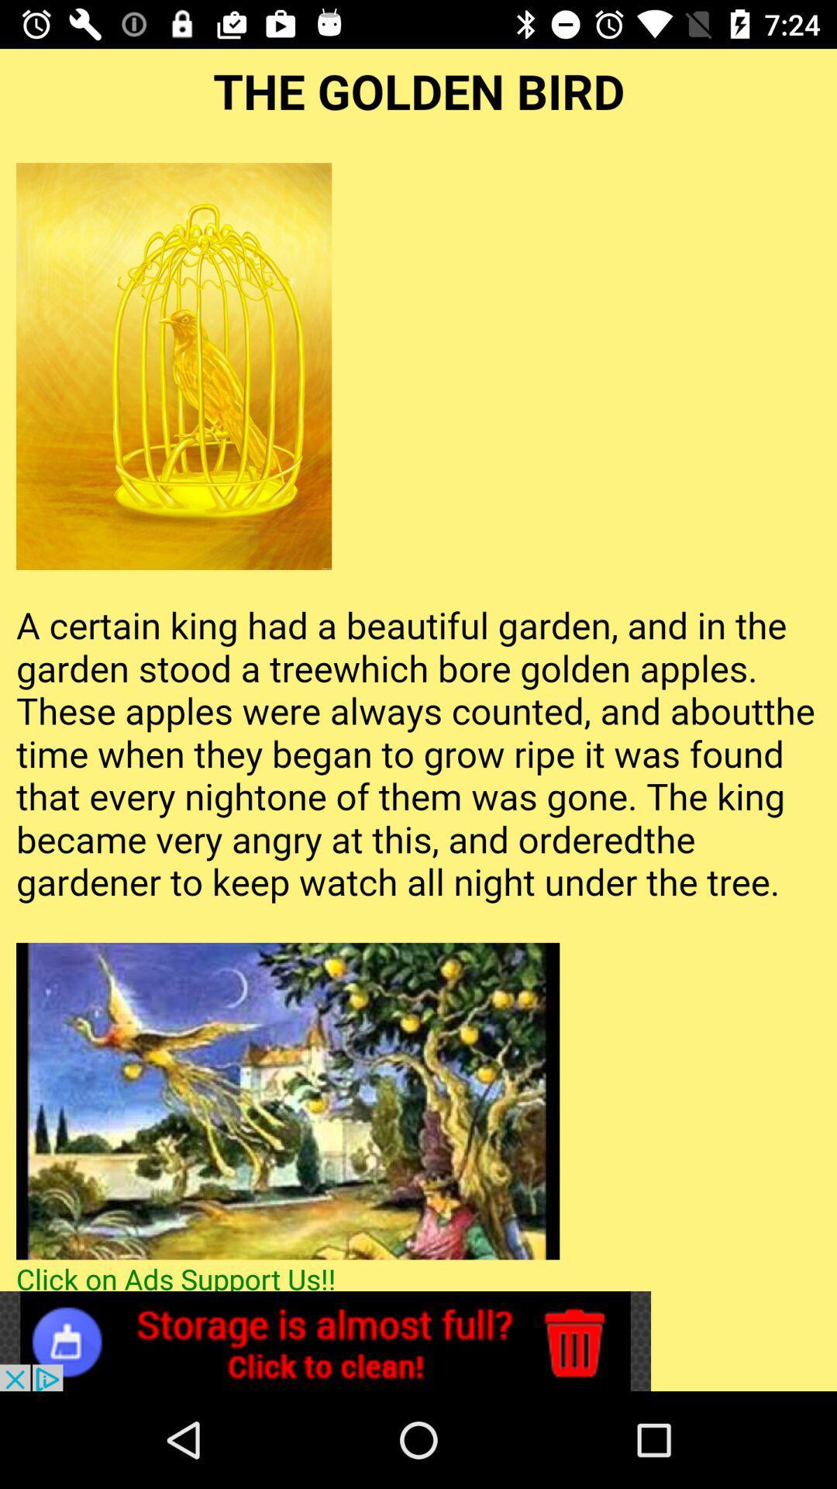 The height and width of the screenshot is (1489, 837). What do you see at coordinates (325, 1340) in the screenshot?
I see `web add` at bounding box center [325, 1340].